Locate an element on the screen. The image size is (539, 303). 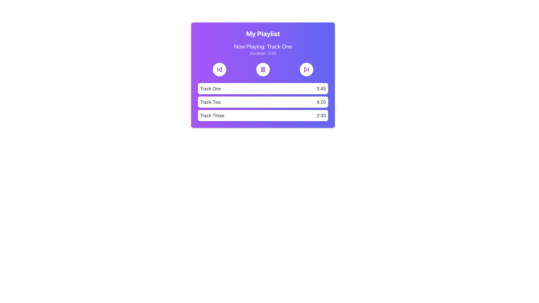
the static text label displaying '4:20', which is positioned to the right of 'Track Two' in a white rounded rectangle on a purple background is located at coordinates (321, 102).